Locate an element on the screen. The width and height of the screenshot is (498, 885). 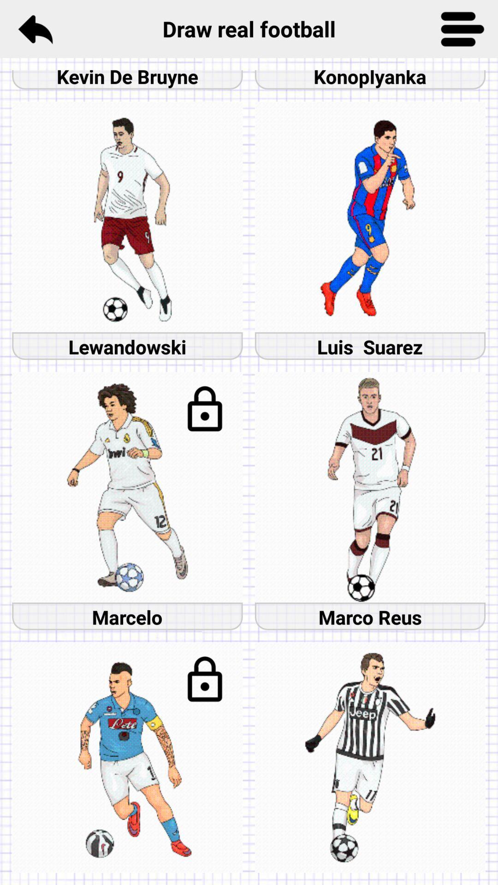
item above kevin de bruyne icon is located at coordinates (35, 29).